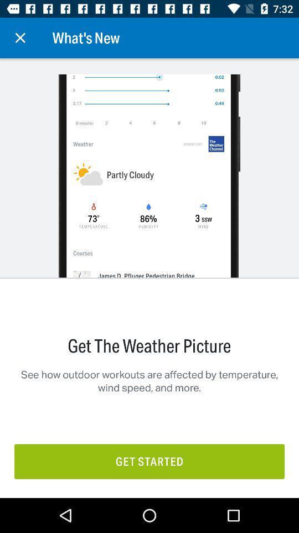 This screenshot has width=299, height=533. Describe the element at coordinates (149, 461) in the screenshot. I see `the item below the see how outdoor item` at that location.